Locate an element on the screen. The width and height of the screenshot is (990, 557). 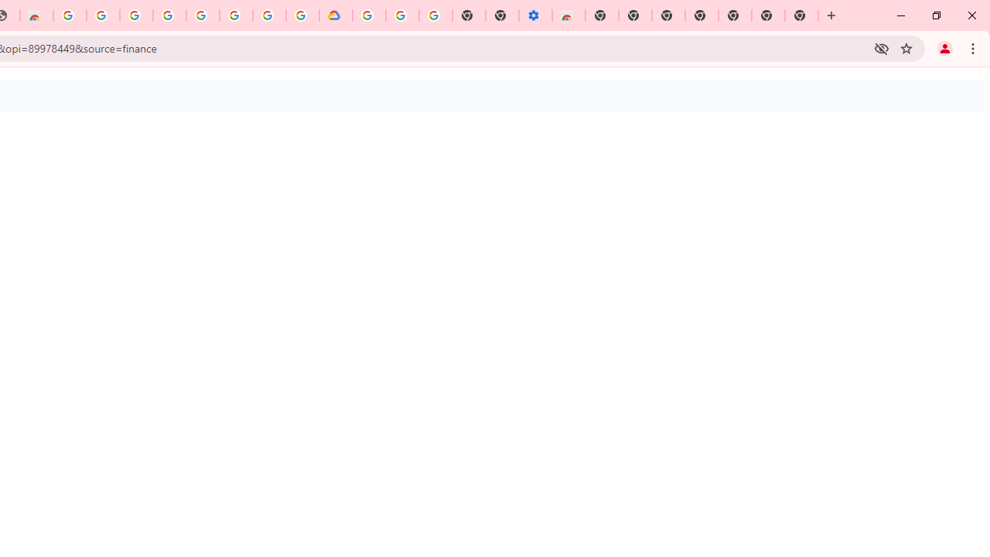
'Chrome Web Store - Accessibility extensions' is located at coordinates (568, 15).